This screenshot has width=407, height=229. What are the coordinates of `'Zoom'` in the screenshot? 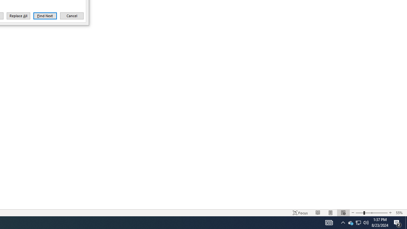 It's located at (371, 213).